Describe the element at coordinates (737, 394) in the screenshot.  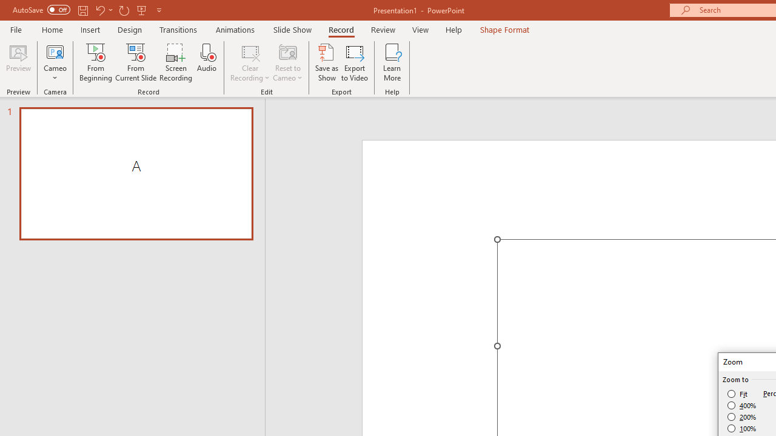
I see `'Fit'` at that location.